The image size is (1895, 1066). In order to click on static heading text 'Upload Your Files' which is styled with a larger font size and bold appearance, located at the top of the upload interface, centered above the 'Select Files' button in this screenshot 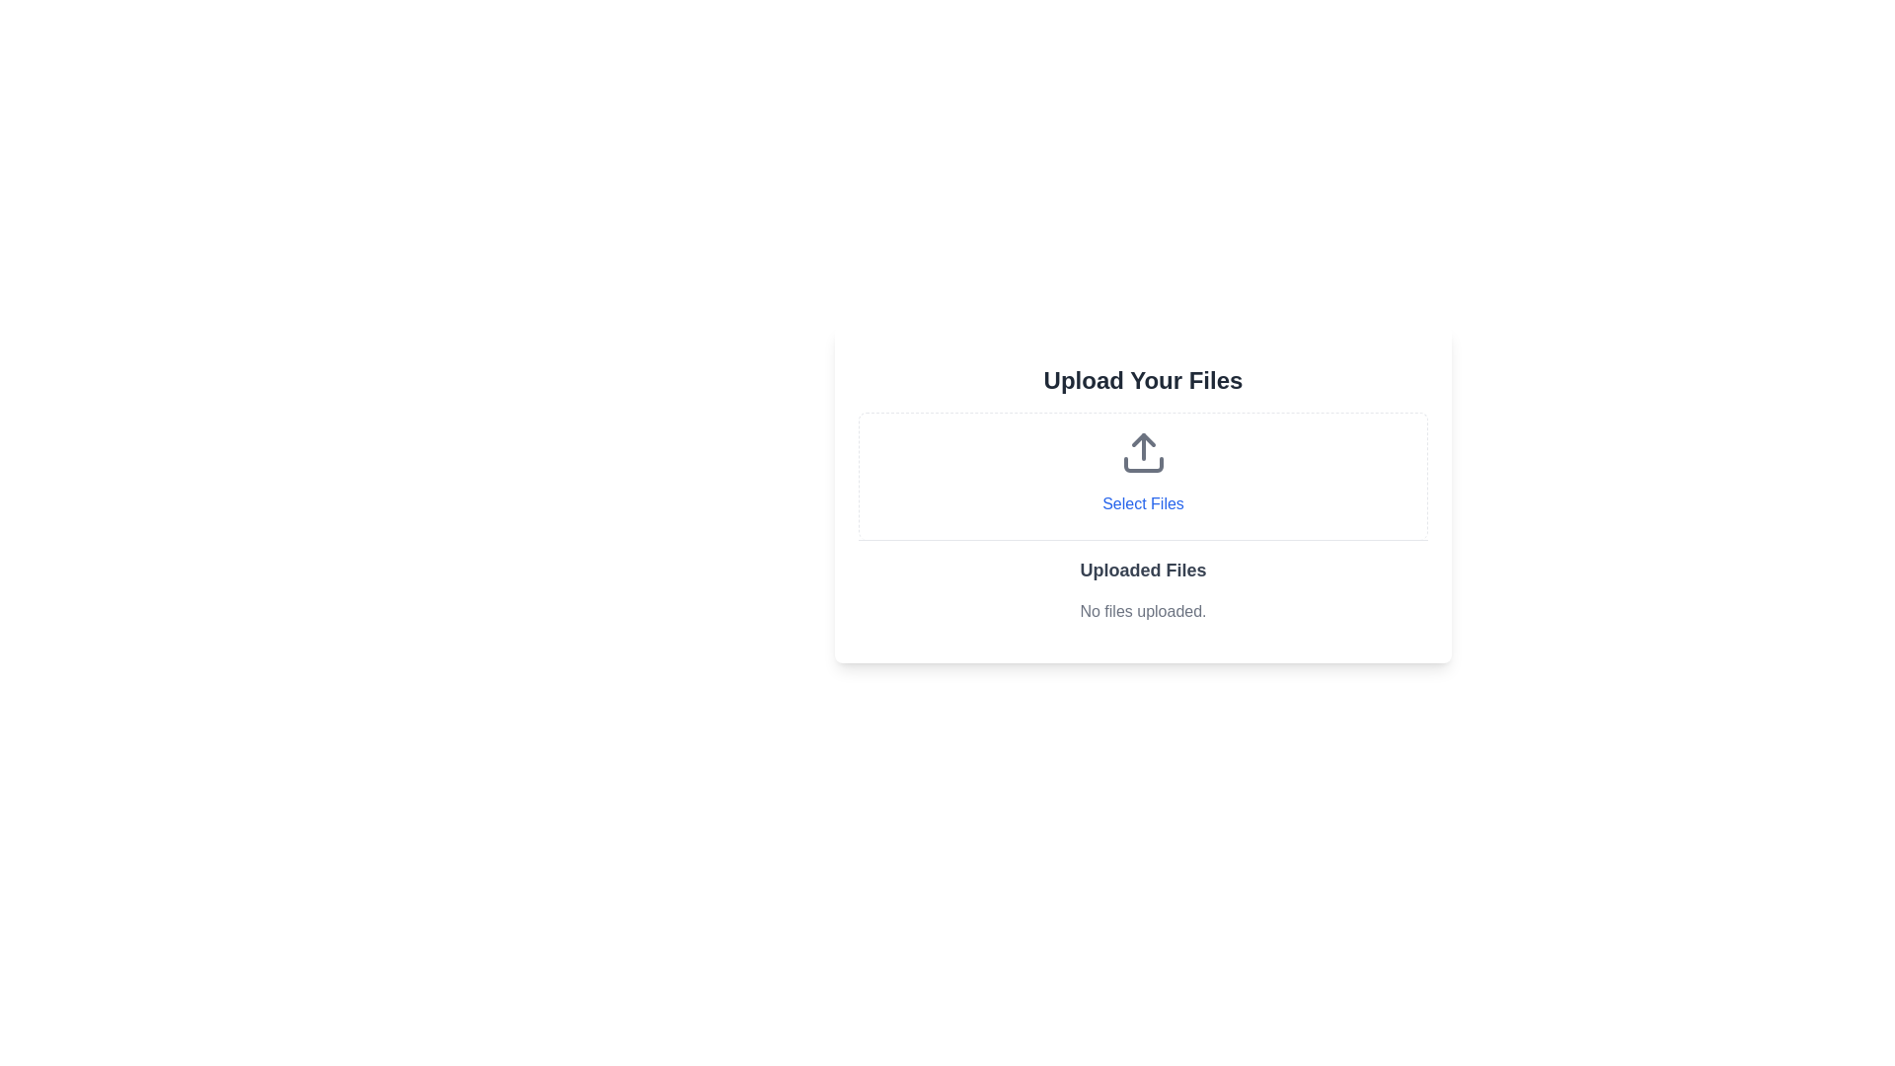, I will do `click(1143, 380)`.